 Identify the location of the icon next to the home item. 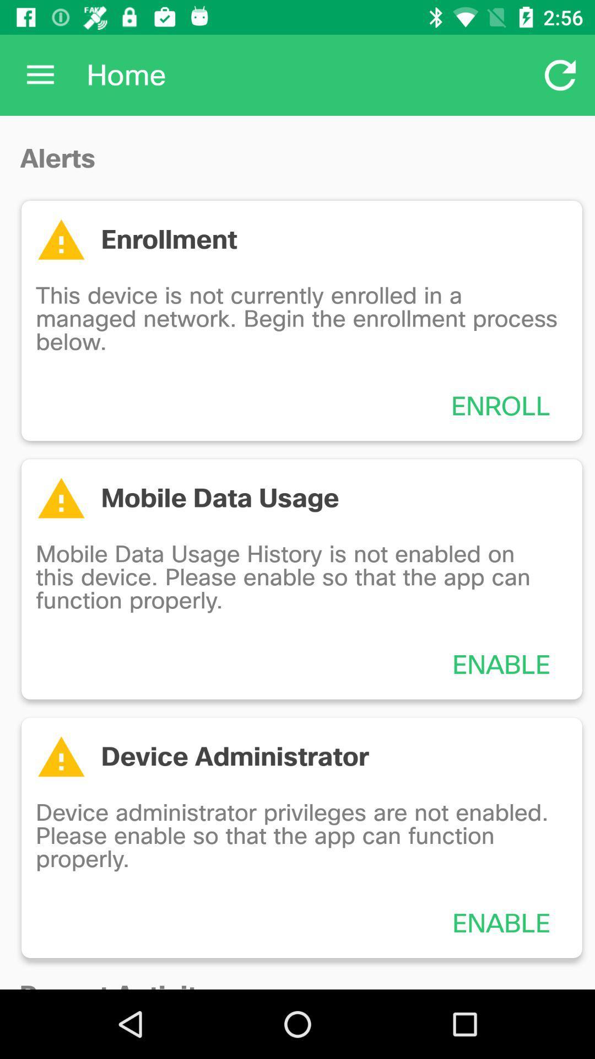
(40, 74).